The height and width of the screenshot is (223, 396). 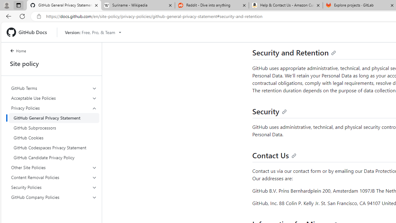 What do you see at coordinates (54, 177) in the screenshot?
I see `'Content Removal Policies'` at bounding box center [54, 177].